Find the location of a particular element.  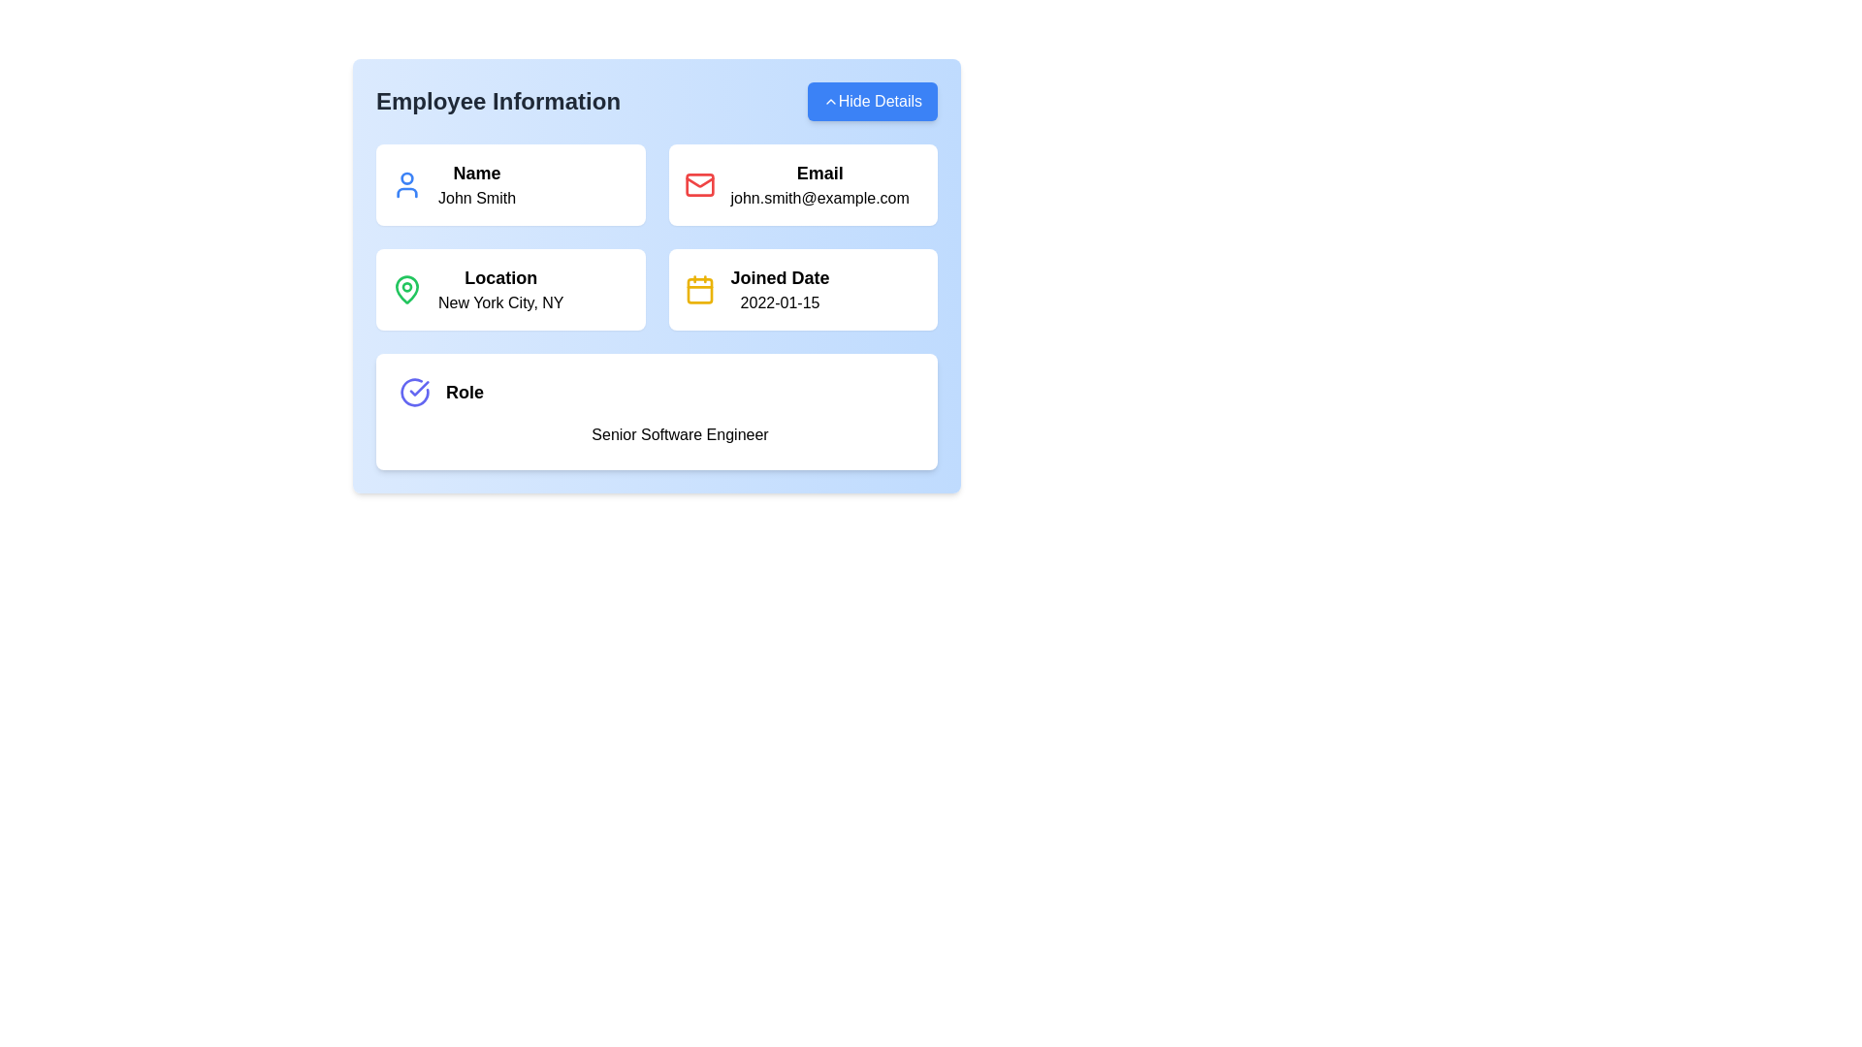

the circular icon depicting a checkmark with a blue outline located to the left of the text 'Role' in the 'Employee Information' card is located at coordinates (413, 393).